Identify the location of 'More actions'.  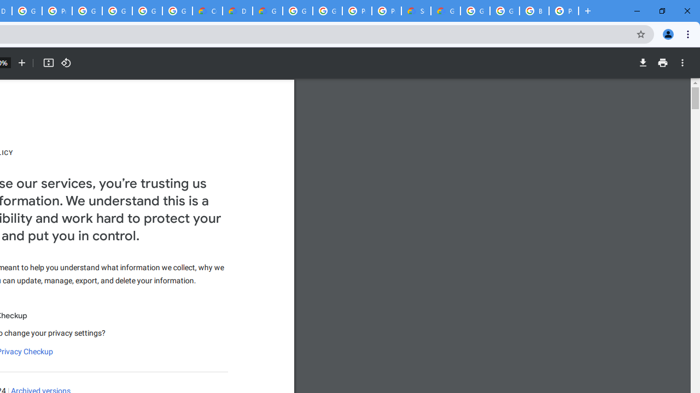
(682, 63).